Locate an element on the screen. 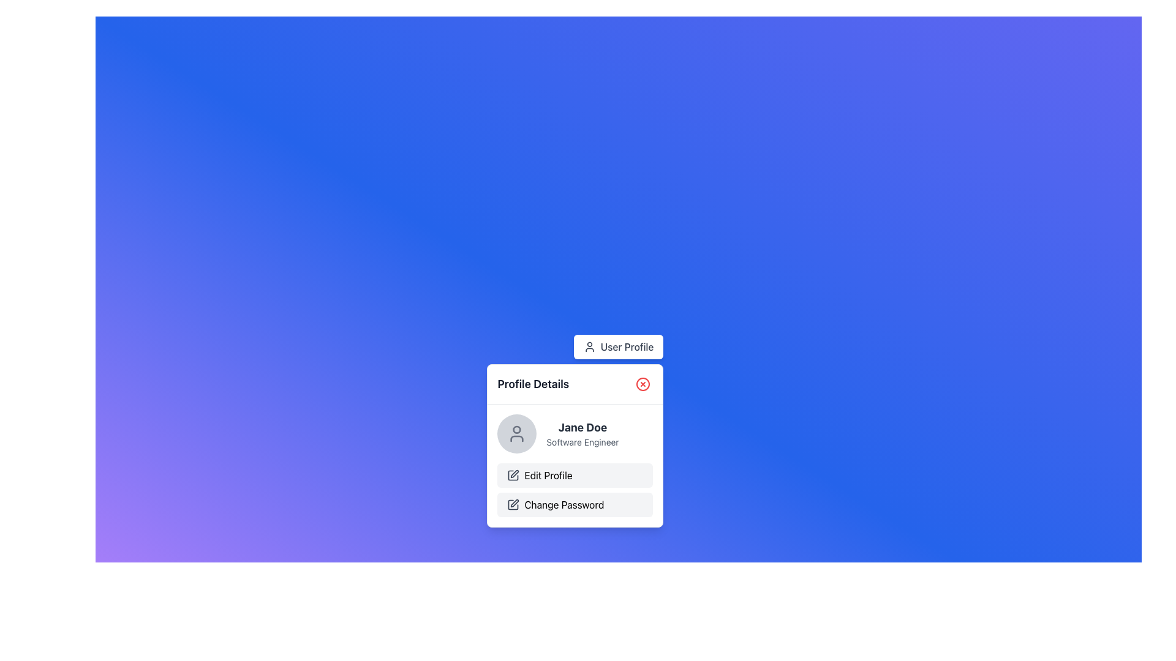 The width and height of the screenshot is (1176, 661). static text element displaying 'Jane Doe' and 'Software Engineer' which is located above the 'Edit Profile' button in the profile details component is located at coordinates (582, 433).